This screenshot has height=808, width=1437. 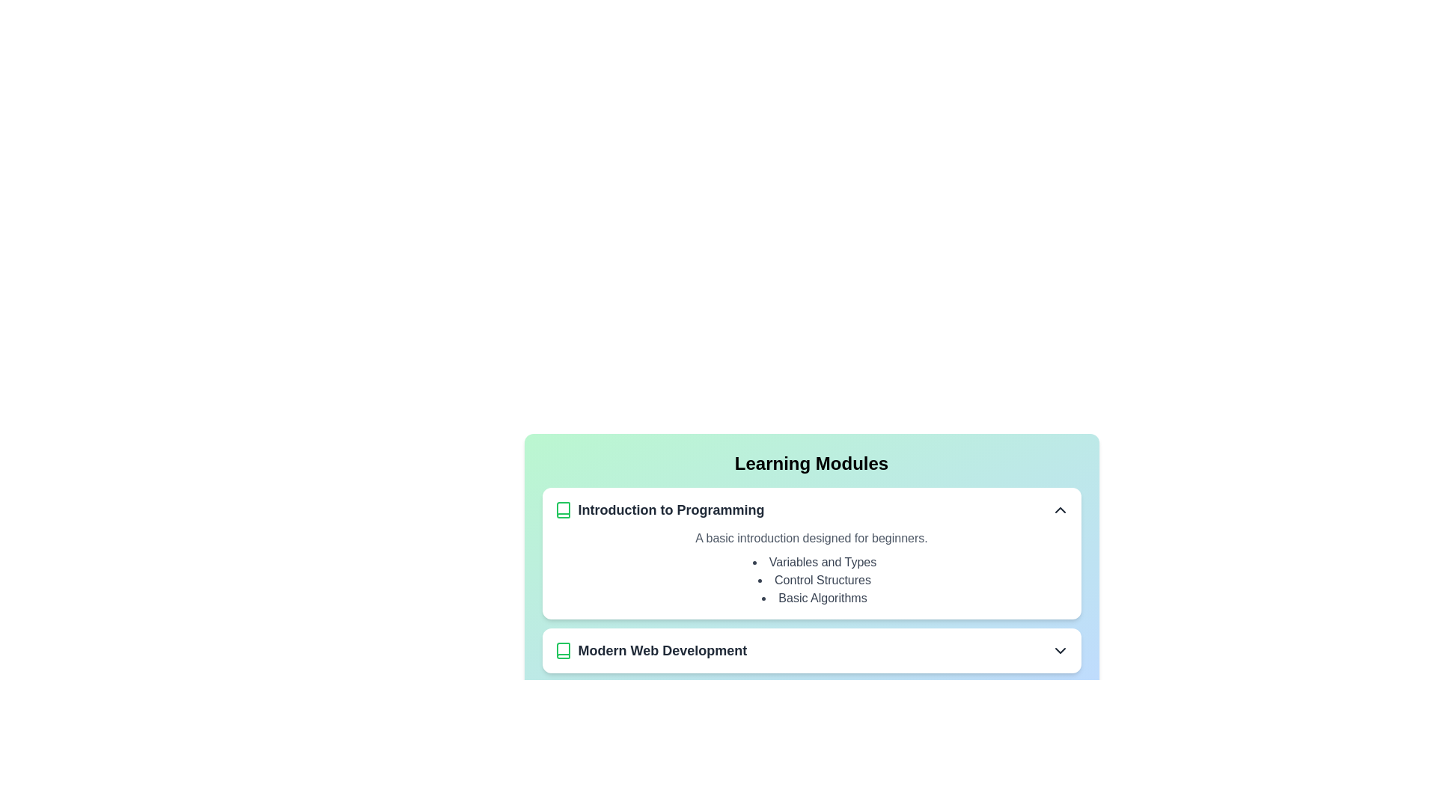 I want to click on the navigational button that serves as a label for the first learning module in the list, positioned below 'Introduction to Programming', so click(x=650, y=650).